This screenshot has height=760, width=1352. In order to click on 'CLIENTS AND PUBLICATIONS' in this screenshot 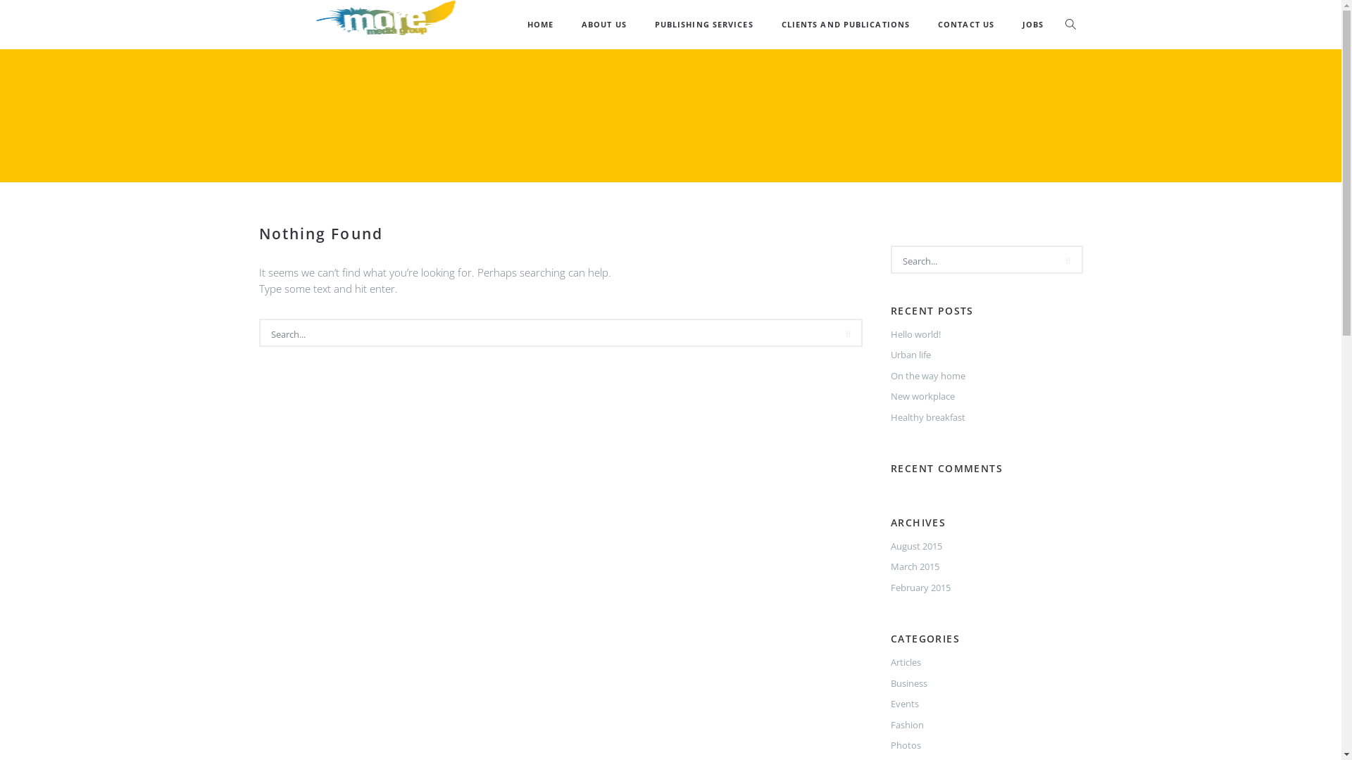, I will do `click(845, 24)`.